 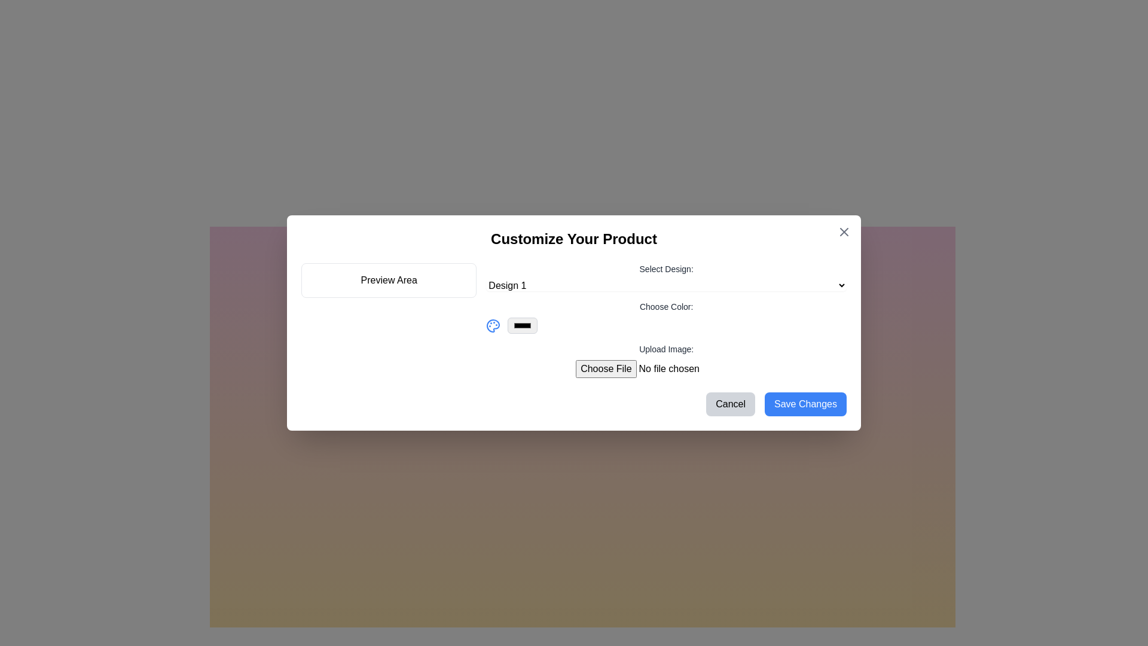 I want to click on the 'X' close icon in the top-right corner of the modal dialog, so click(x=843, y=232).